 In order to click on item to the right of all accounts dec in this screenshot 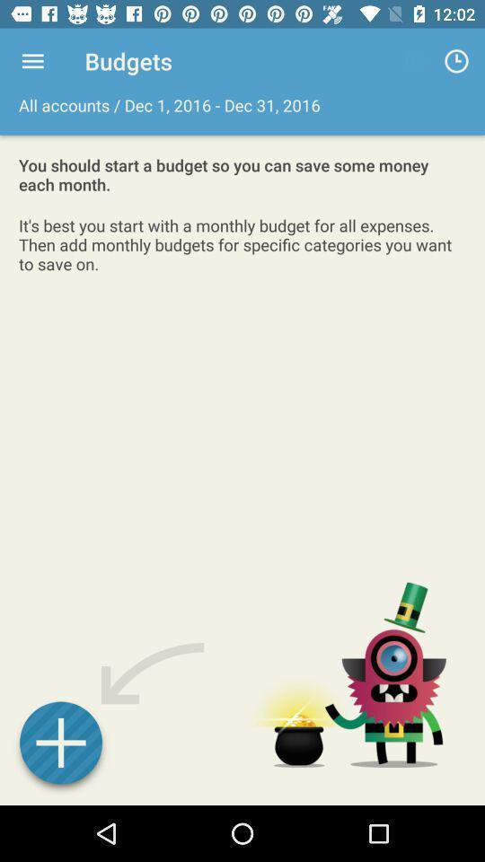, I will do `click(456, 61)`.